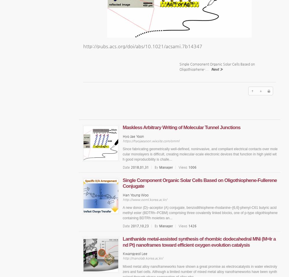 Image resolution: width=289 pixels, height=277 pixels. What do you see at coordinates (142, 258) in the screenshot?
I see `'http://nanolab.korea.ac.kr/'` at bounding box center [142, 258].